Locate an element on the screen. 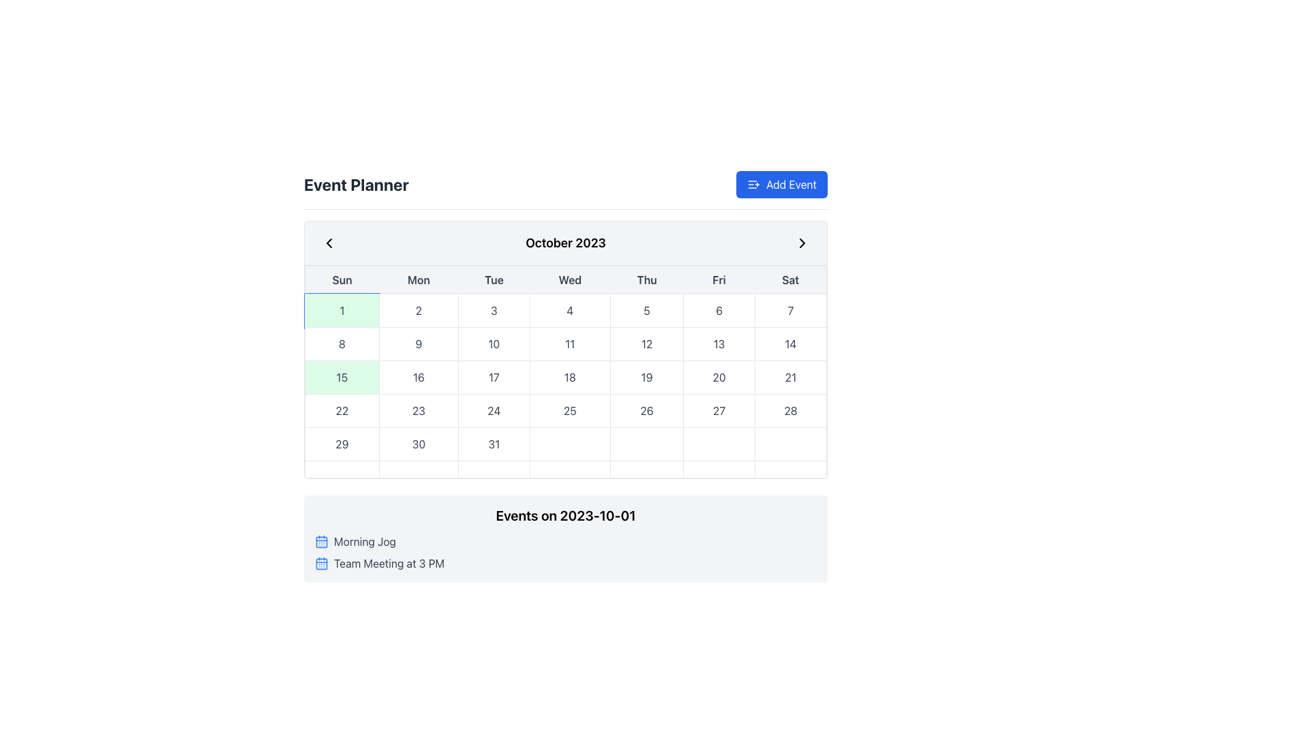  the sixth cell in the last row of the calendar grid, which corresponds to the Friday column is located at coordinates (719, 444).